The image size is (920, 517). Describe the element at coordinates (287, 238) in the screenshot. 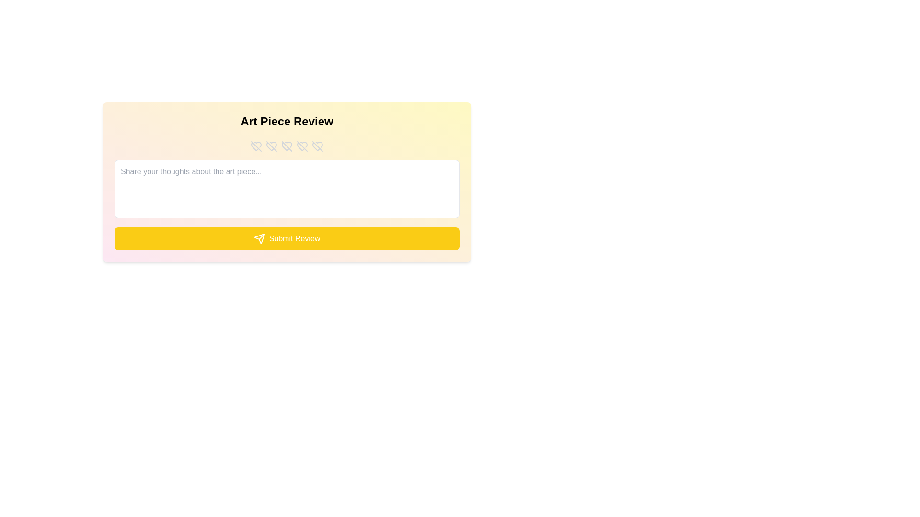

I see `the 'Submit Review' button to submit the review` at that location.